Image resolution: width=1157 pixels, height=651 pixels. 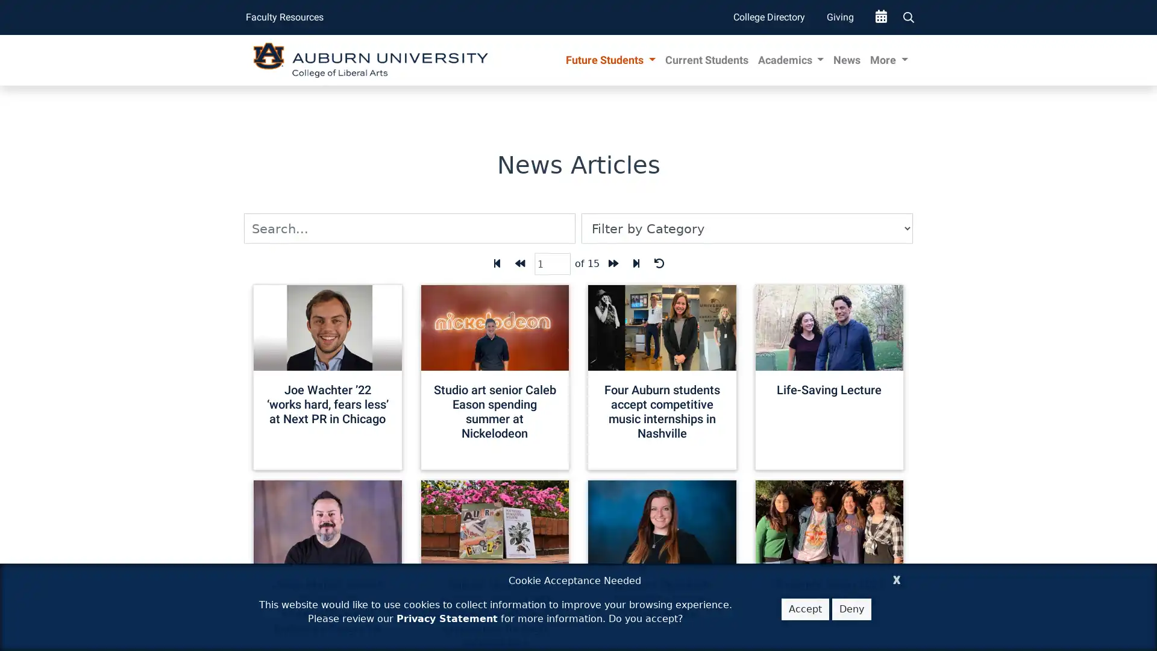 What do you see at coordinates (587, 263) in the screenshot?
I see `of 15` at bounding box center [587, 263].